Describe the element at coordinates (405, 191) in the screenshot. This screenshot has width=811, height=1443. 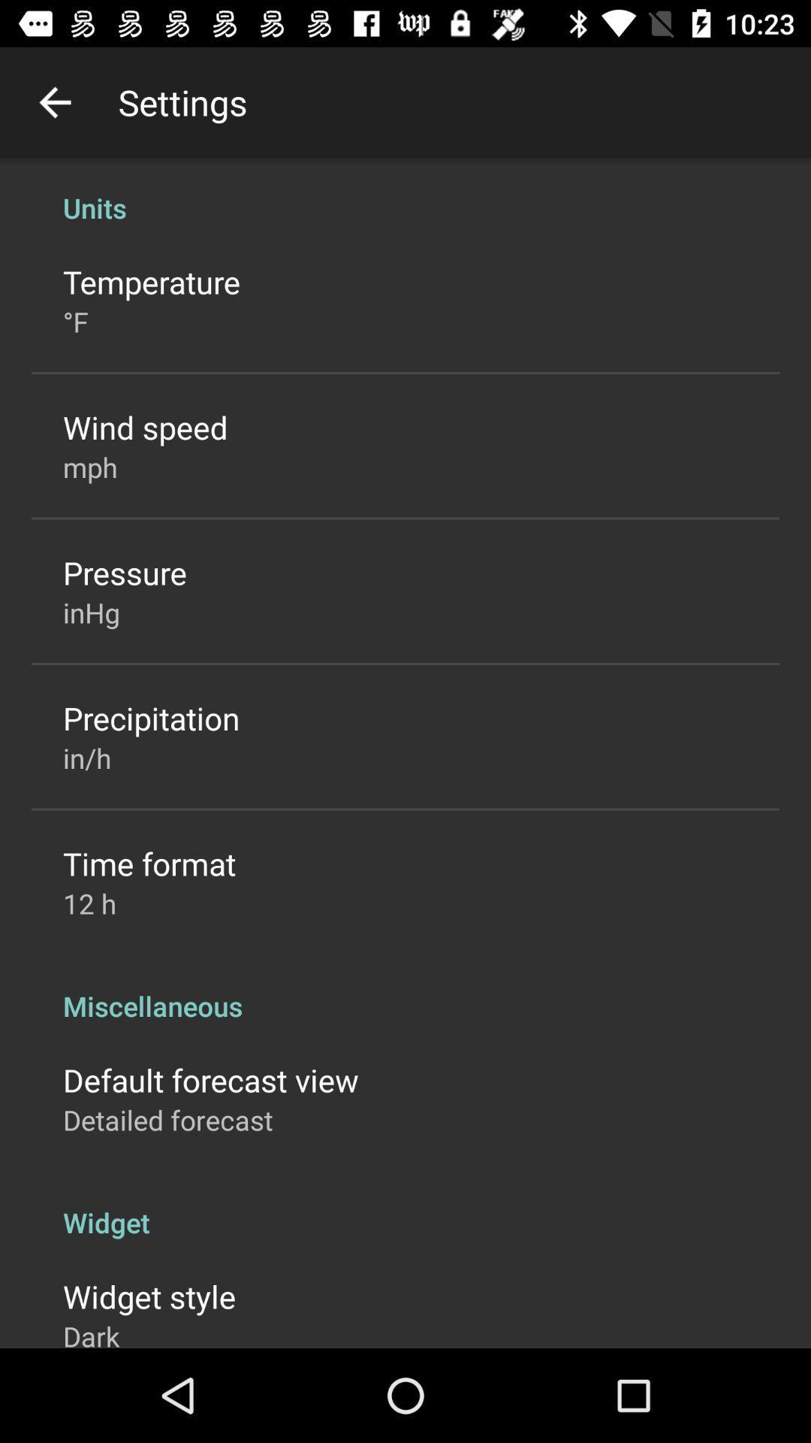
I see `the icon above the temperature item` at that location.